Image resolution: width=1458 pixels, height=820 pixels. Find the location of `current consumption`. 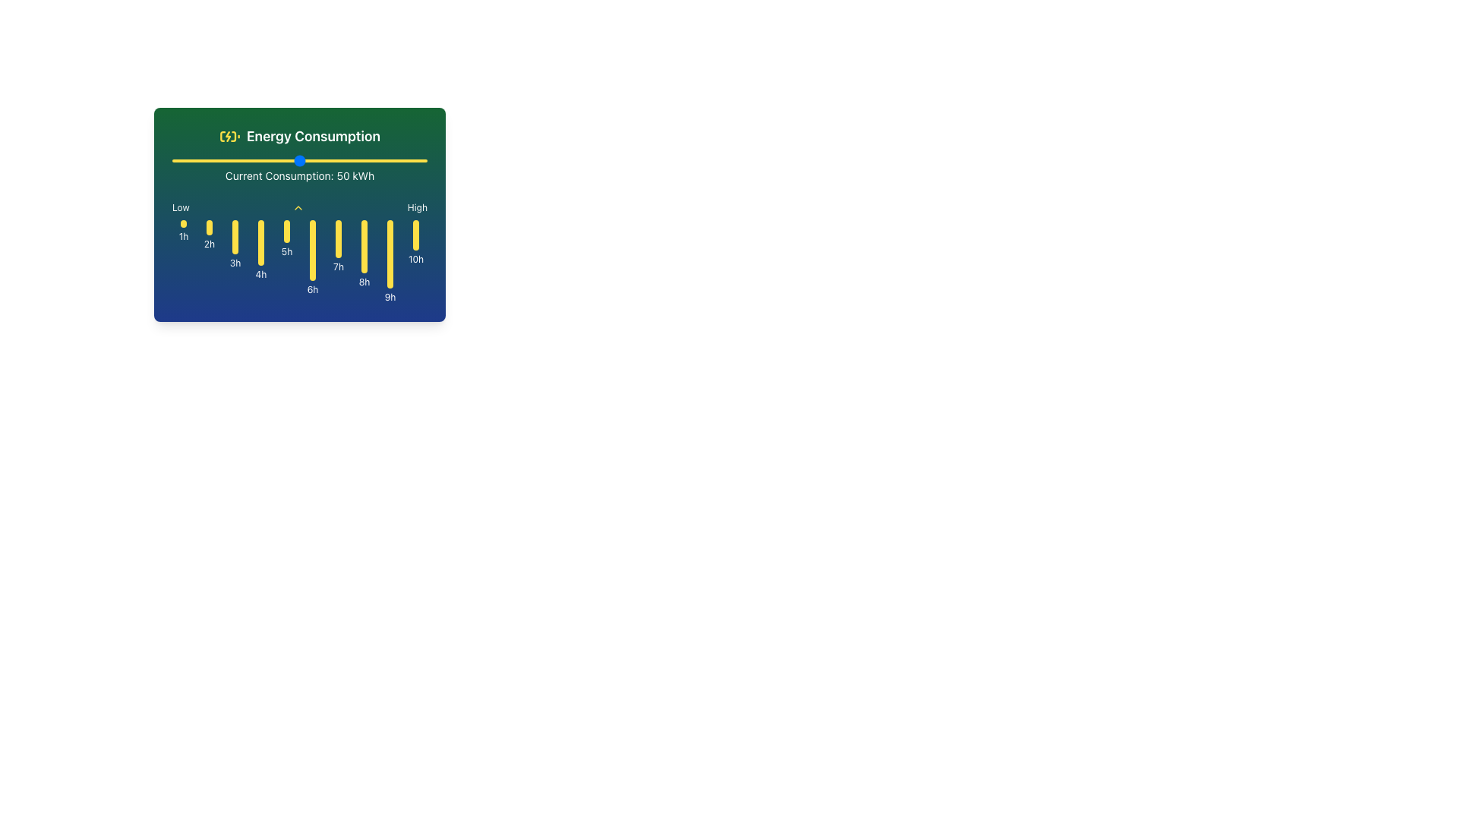

current consumption is located at coordinates (319, 161).